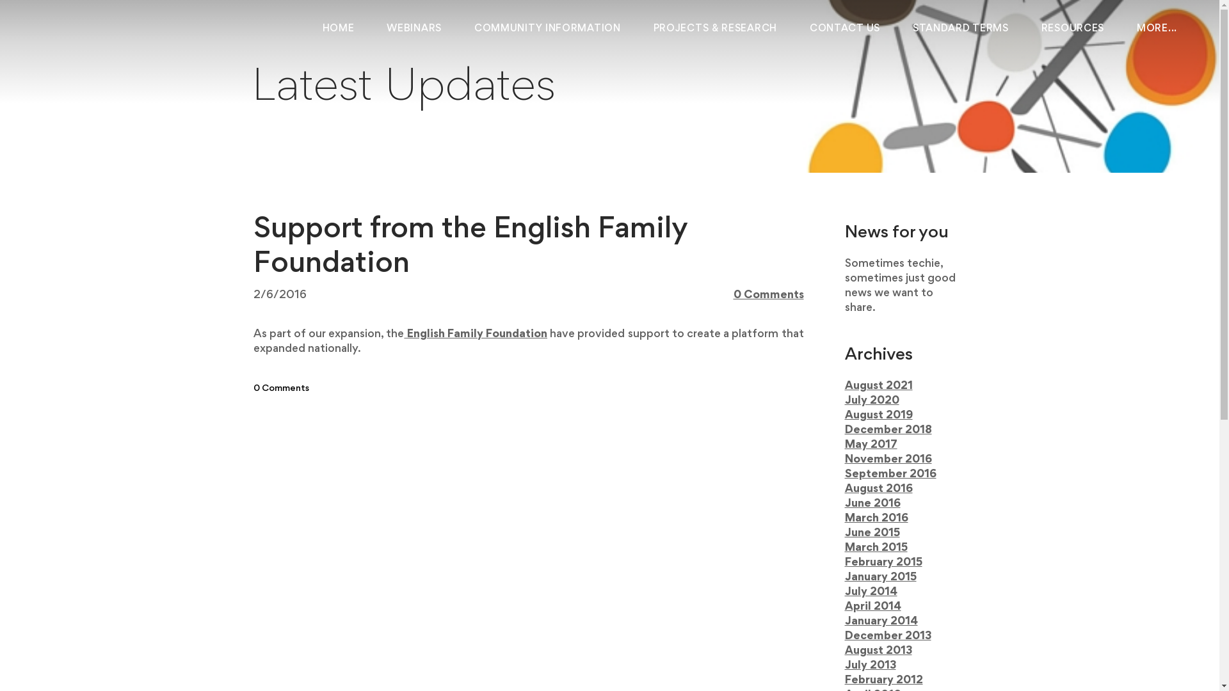 The image size is (1229, 691). I want to click on 'August 2016', so click(845, 489).